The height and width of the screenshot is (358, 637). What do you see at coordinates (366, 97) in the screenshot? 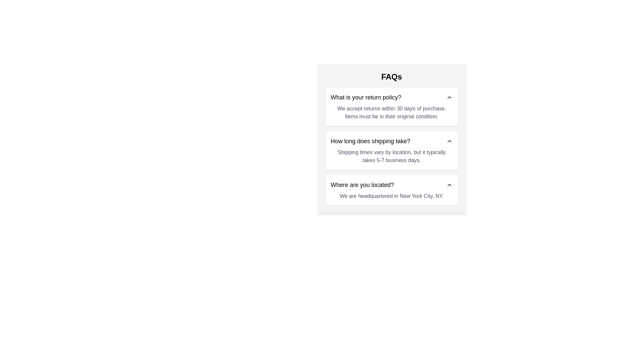
I see `the text heading that reads 'What is your return policy?' which is the first item in the FAQ section` at bounding box center [366, 97].